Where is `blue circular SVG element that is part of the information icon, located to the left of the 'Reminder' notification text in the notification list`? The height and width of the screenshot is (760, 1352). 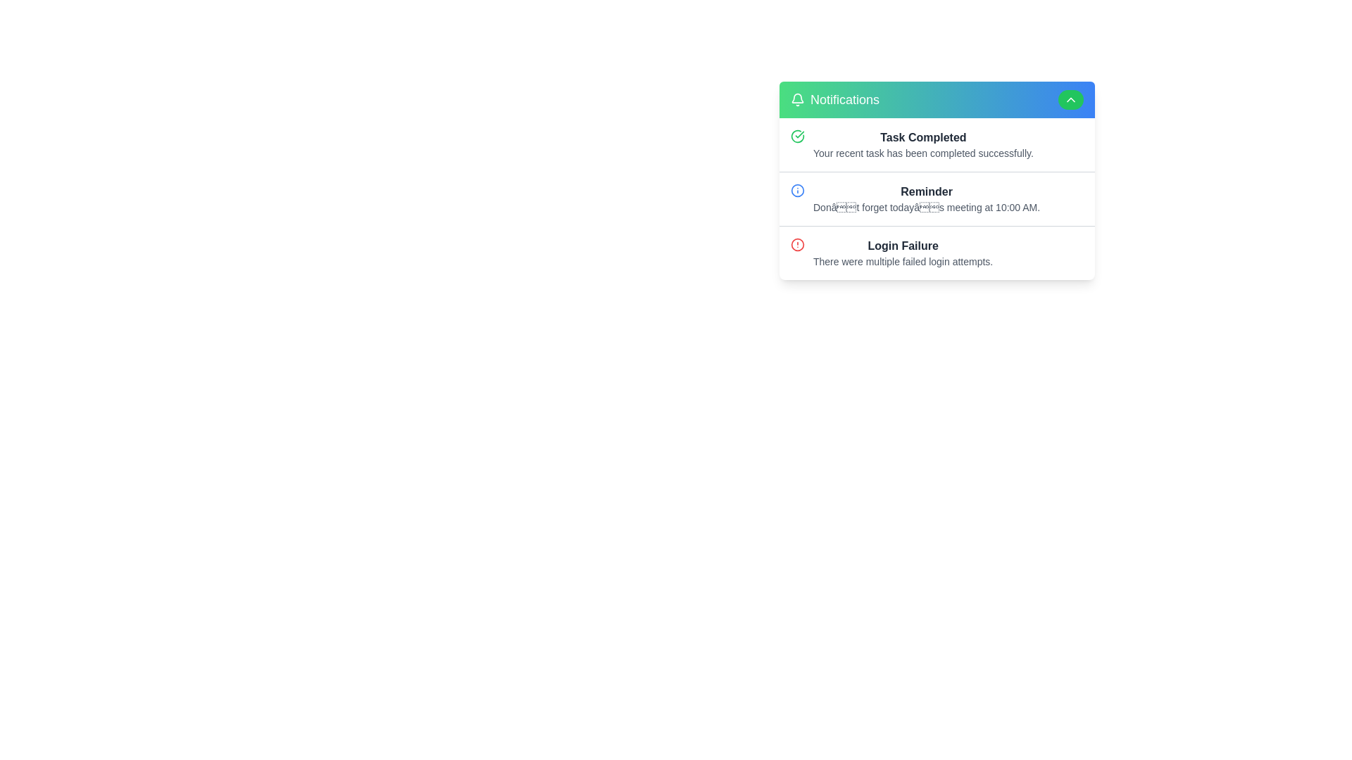
blue circular SVG element that is part of the information icon, located to the left of the 'Reminder' notification text in the notification list is located at coordinates (797, 190).